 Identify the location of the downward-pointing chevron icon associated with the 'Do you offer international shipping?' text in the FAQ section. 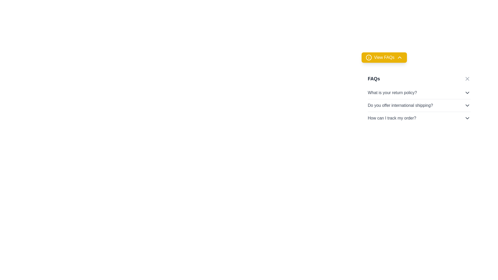
(467, 105).